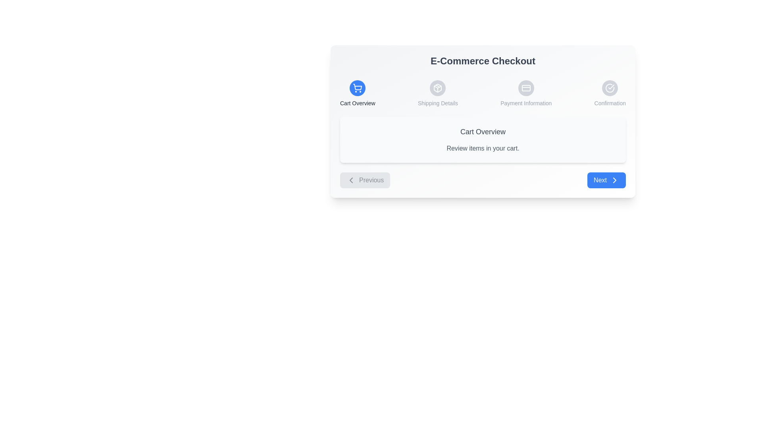 The width and height of the screenshot is (762, 429). I want to click on the circular icon representing 'Shipping Details', so click(437, 93).